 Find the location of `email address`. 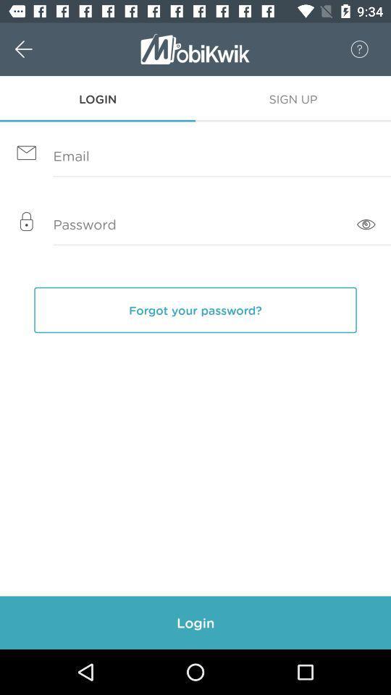

email address is located at coordinates (195, 156).